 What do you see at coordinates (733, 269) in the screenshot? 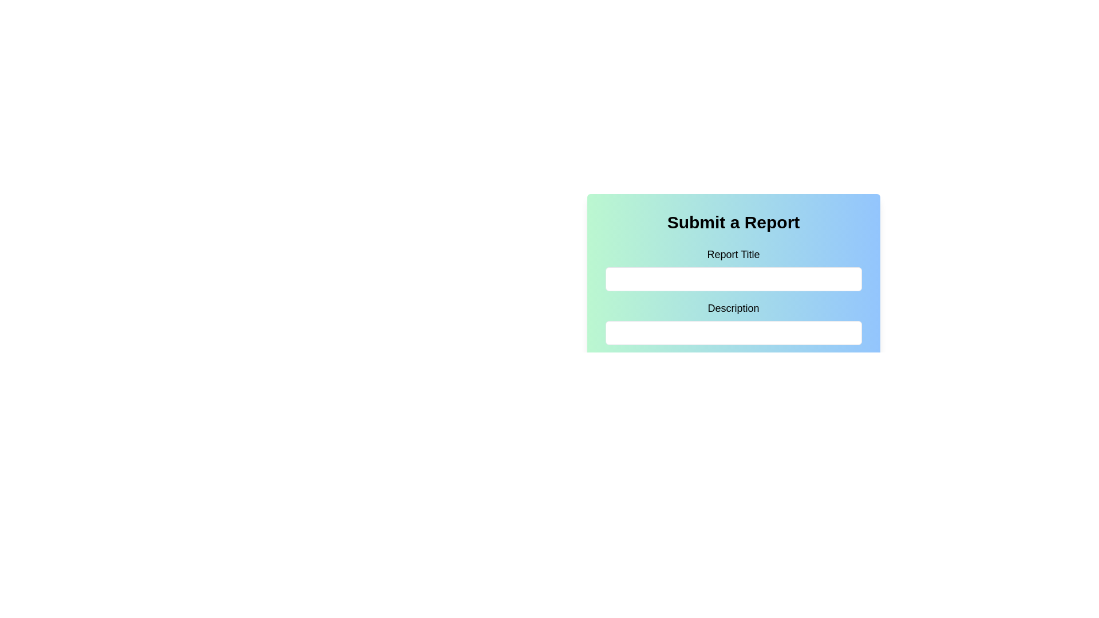
I see `the input field of the 'Report Title' section to focus on it` at bounding box center [733, 269].